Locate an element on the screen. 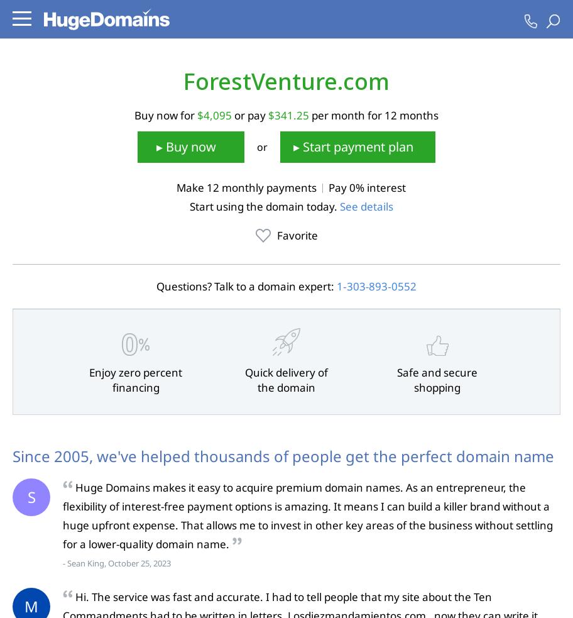 The height and width of the screenshot is (618, 573). 'Start using the domain today.' is located at coordinates (263, 206).